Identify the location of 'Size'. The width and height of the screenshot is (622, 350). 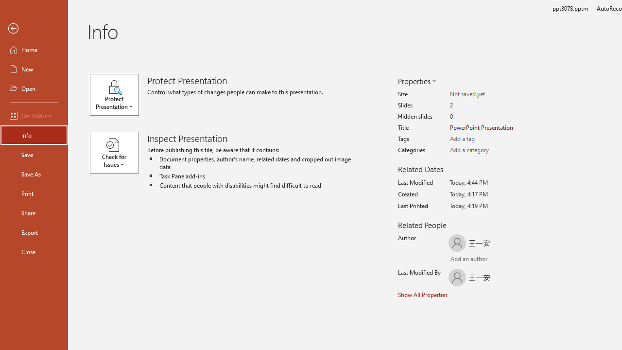
(488, 94).